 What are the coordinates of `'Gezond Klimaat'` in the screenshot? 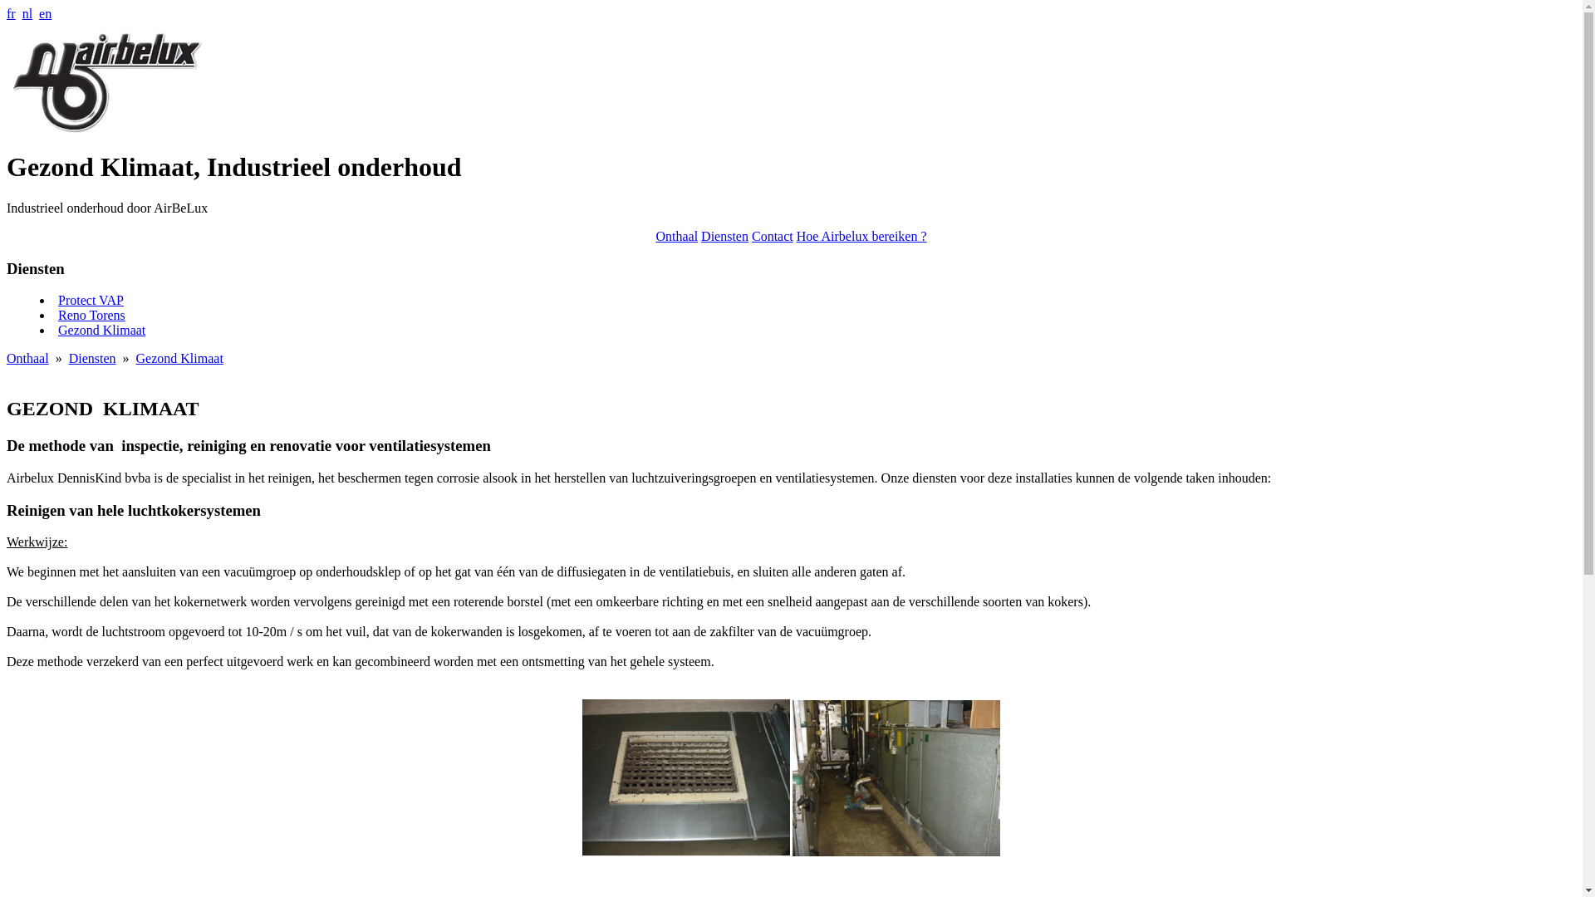 It's located at (179, 357).